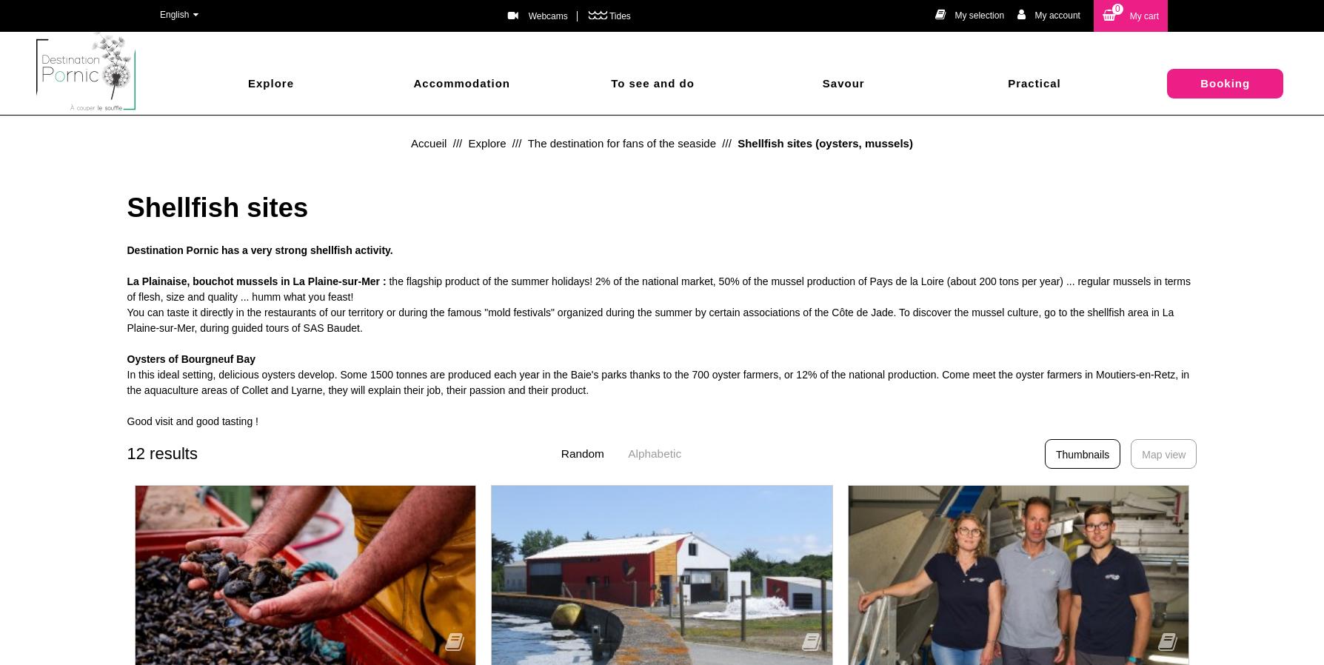  I want to click on 'The destination for fans of the seaside', so click(620, 142).